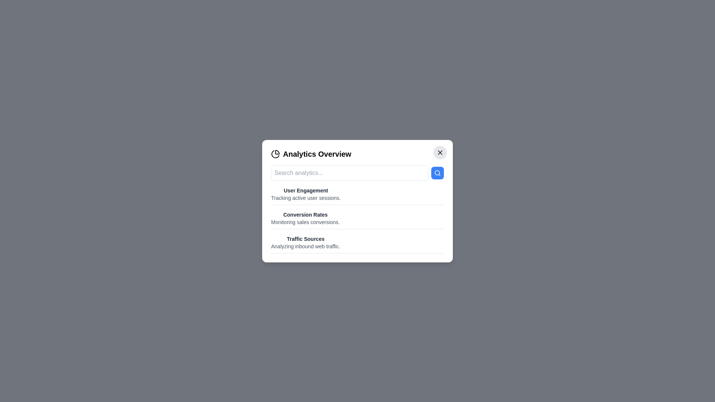  I want to click on the search button in the AnalyticsDialog component, so click(438, 173).